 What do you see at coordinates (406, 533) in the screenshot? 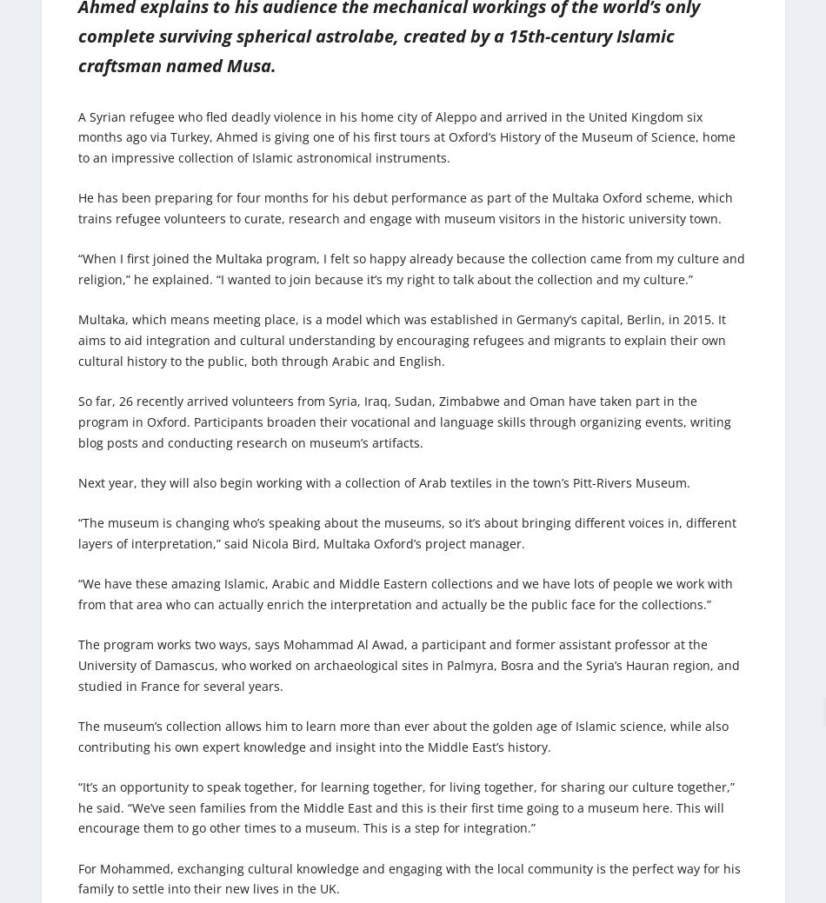
I see `'“The museum is changing who’s speaking about the museums, so it’s about bringing different voices in, different layers of interpretation,” said Nicola Bird, Multaka Oxford’s project manager.'` at bounding box center [406, 533].